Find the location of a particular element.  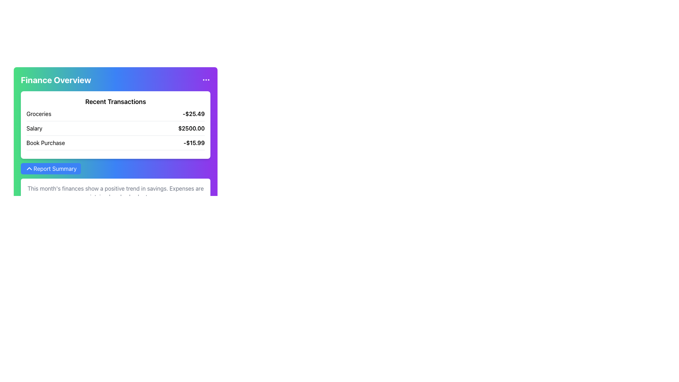

text label that serves as the header for the section summarizing recent financial transactions, located centrally within a white box is located at coordinates (115, 102).